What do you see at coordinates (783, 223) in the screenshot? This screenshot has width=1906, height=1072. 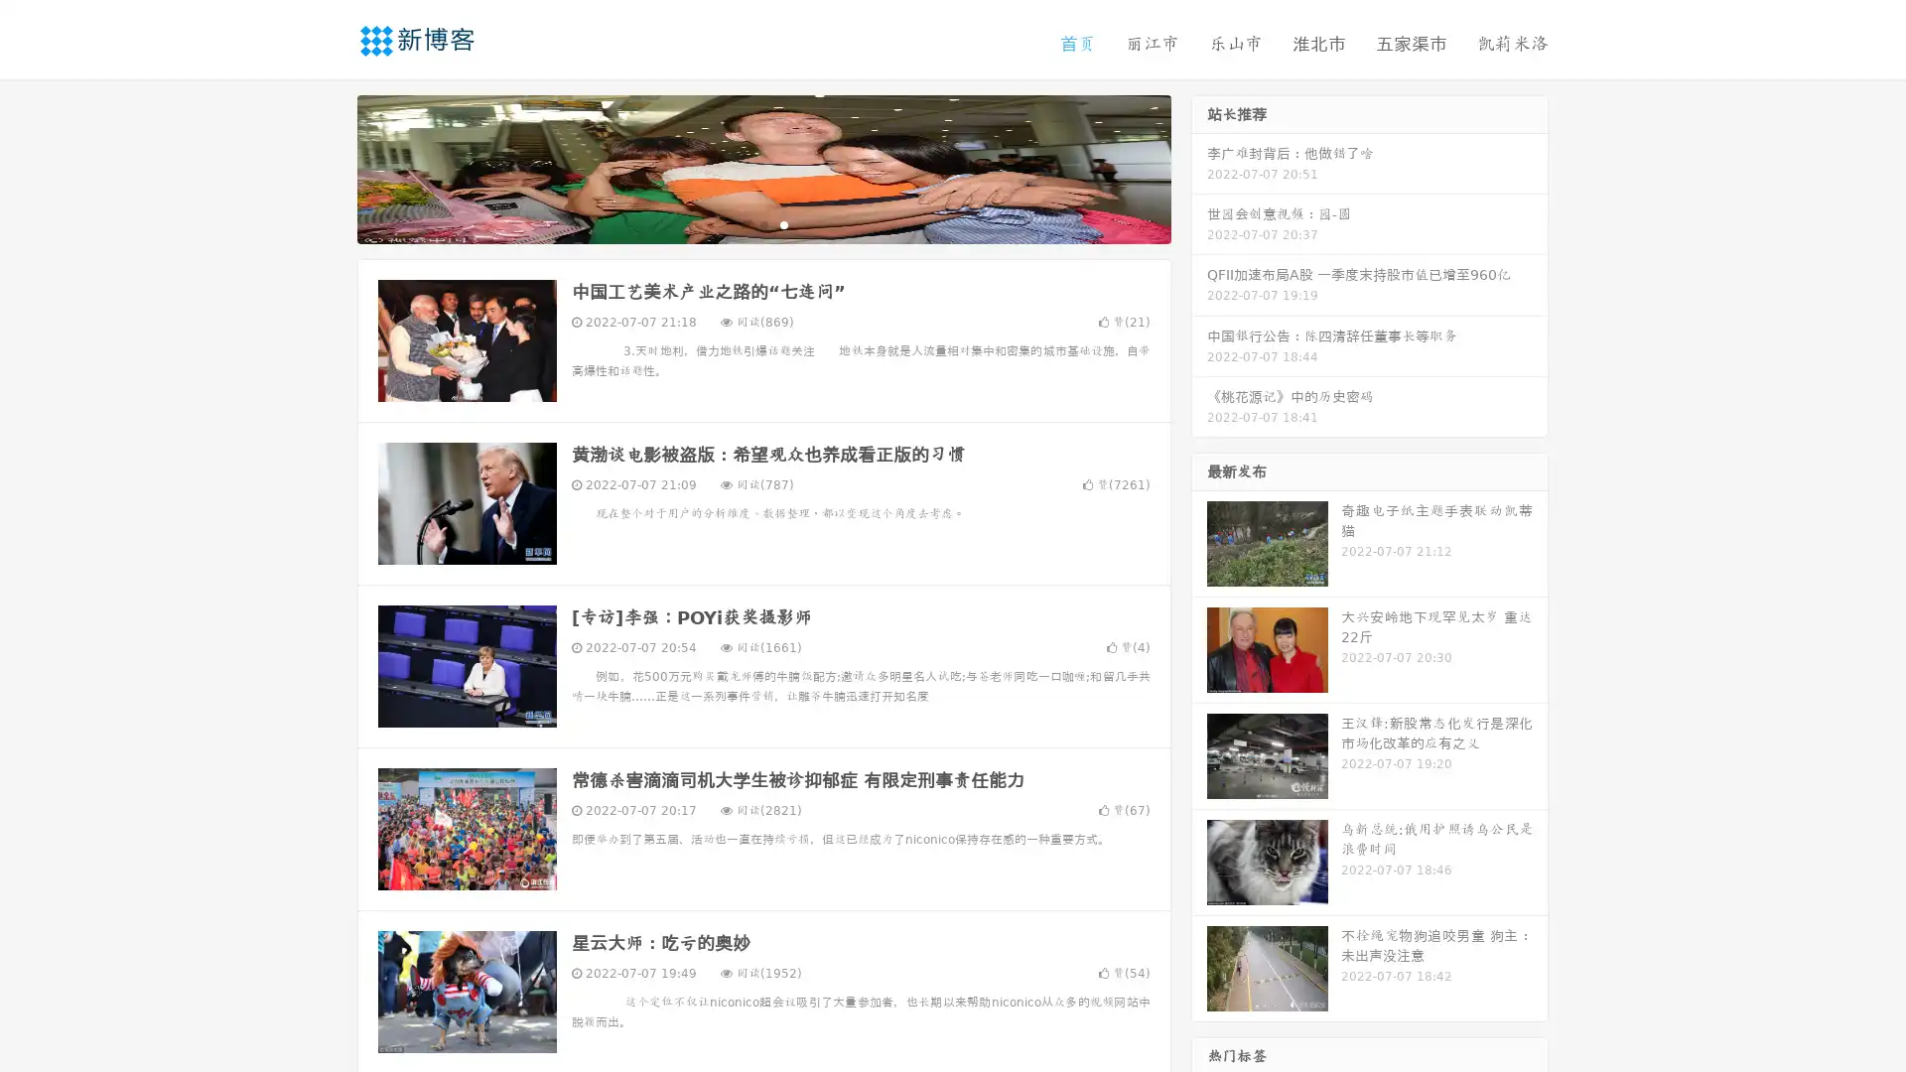 I see `Go to slide 3` at bounding box center [783, 223].